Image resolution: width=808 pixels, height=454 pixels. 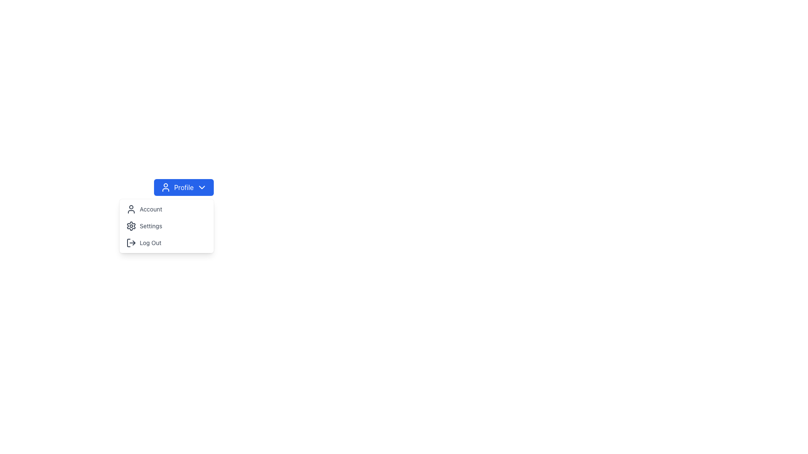 I want to click on the 'Settings' option in the dropdown menu located in the top-right section of the interface, immediately below the 'Profile' button, so click(x=166, y=225).